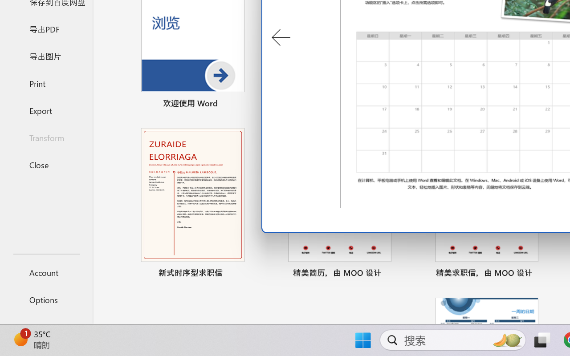  Describe the element at coordinates (544, 274) in the screenshot. I see `'Pin to list'` at that location.